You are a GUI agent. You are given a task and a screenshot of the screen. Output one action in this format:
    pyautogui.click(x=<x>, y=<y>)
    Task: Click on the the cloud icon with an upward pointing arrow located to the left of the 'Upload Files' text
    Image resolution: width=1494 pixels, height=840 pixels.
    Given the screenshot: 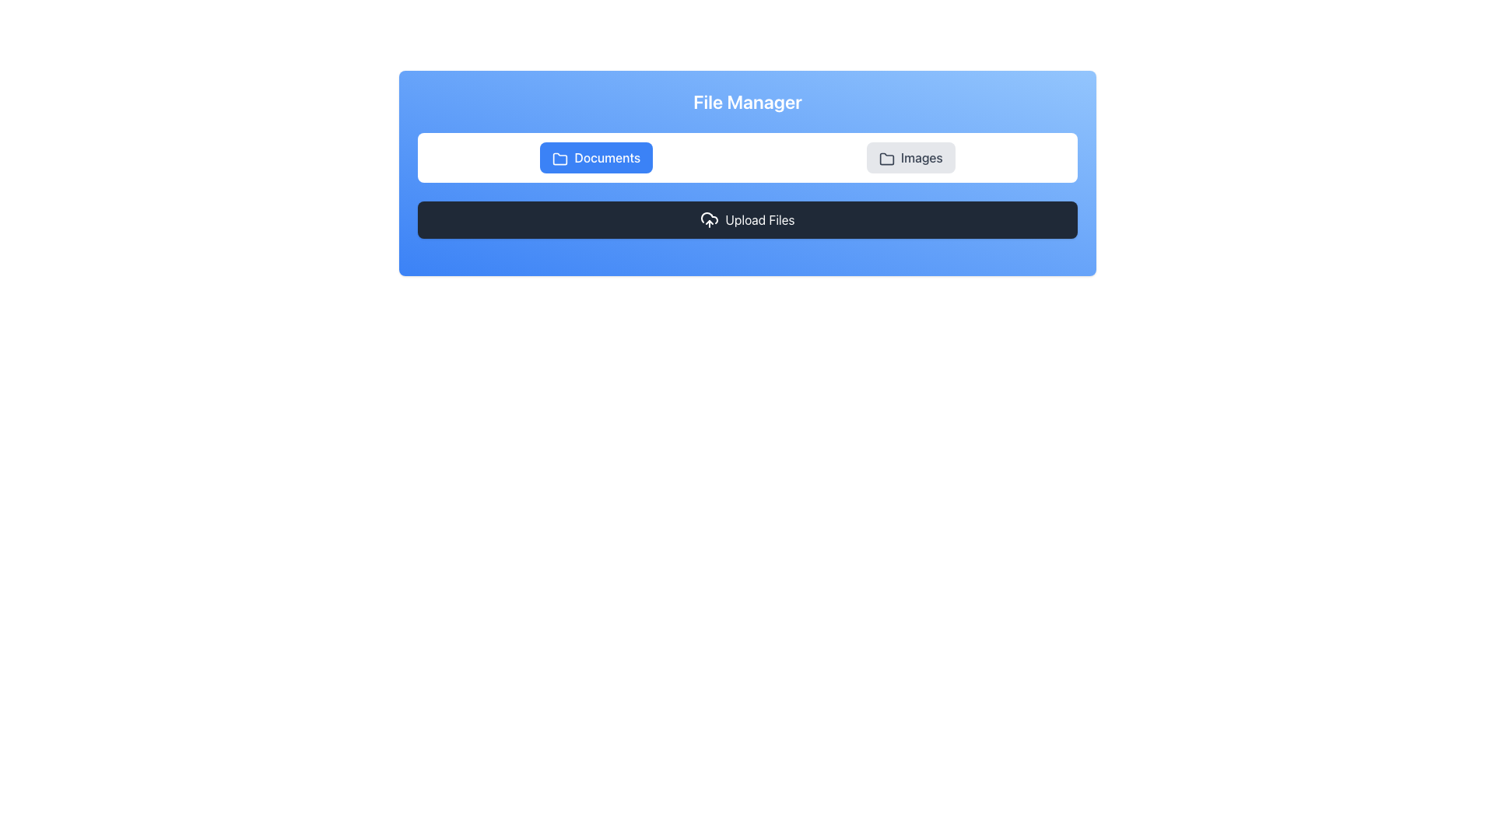 What is the action you would take?
    pyautogui.click(x=709, y=219)
    